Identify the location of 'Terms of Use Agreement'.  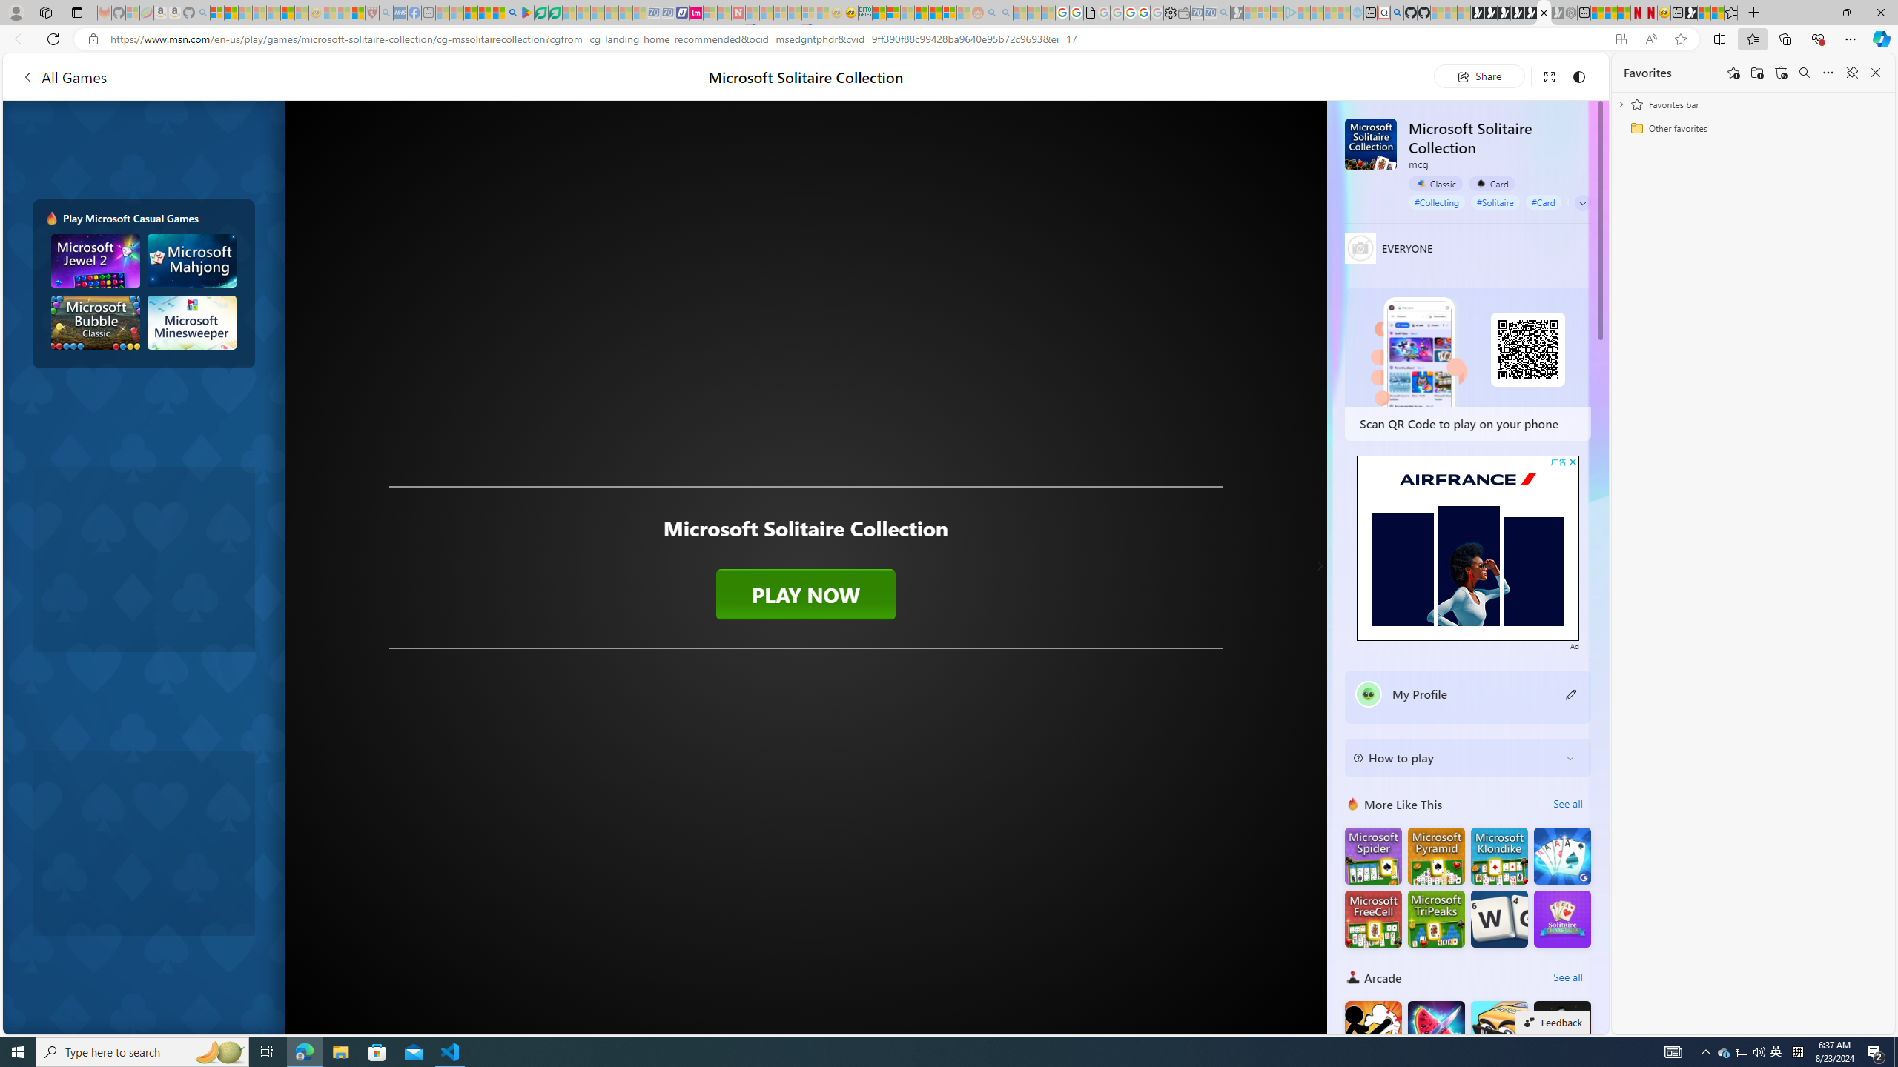
(540, 12).